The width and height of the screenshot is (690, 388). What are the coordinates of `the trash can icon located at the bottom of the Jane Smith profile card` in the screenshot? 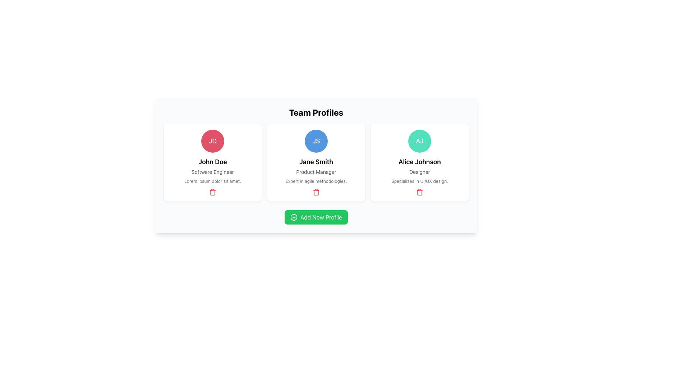 It's located at (316, 192).